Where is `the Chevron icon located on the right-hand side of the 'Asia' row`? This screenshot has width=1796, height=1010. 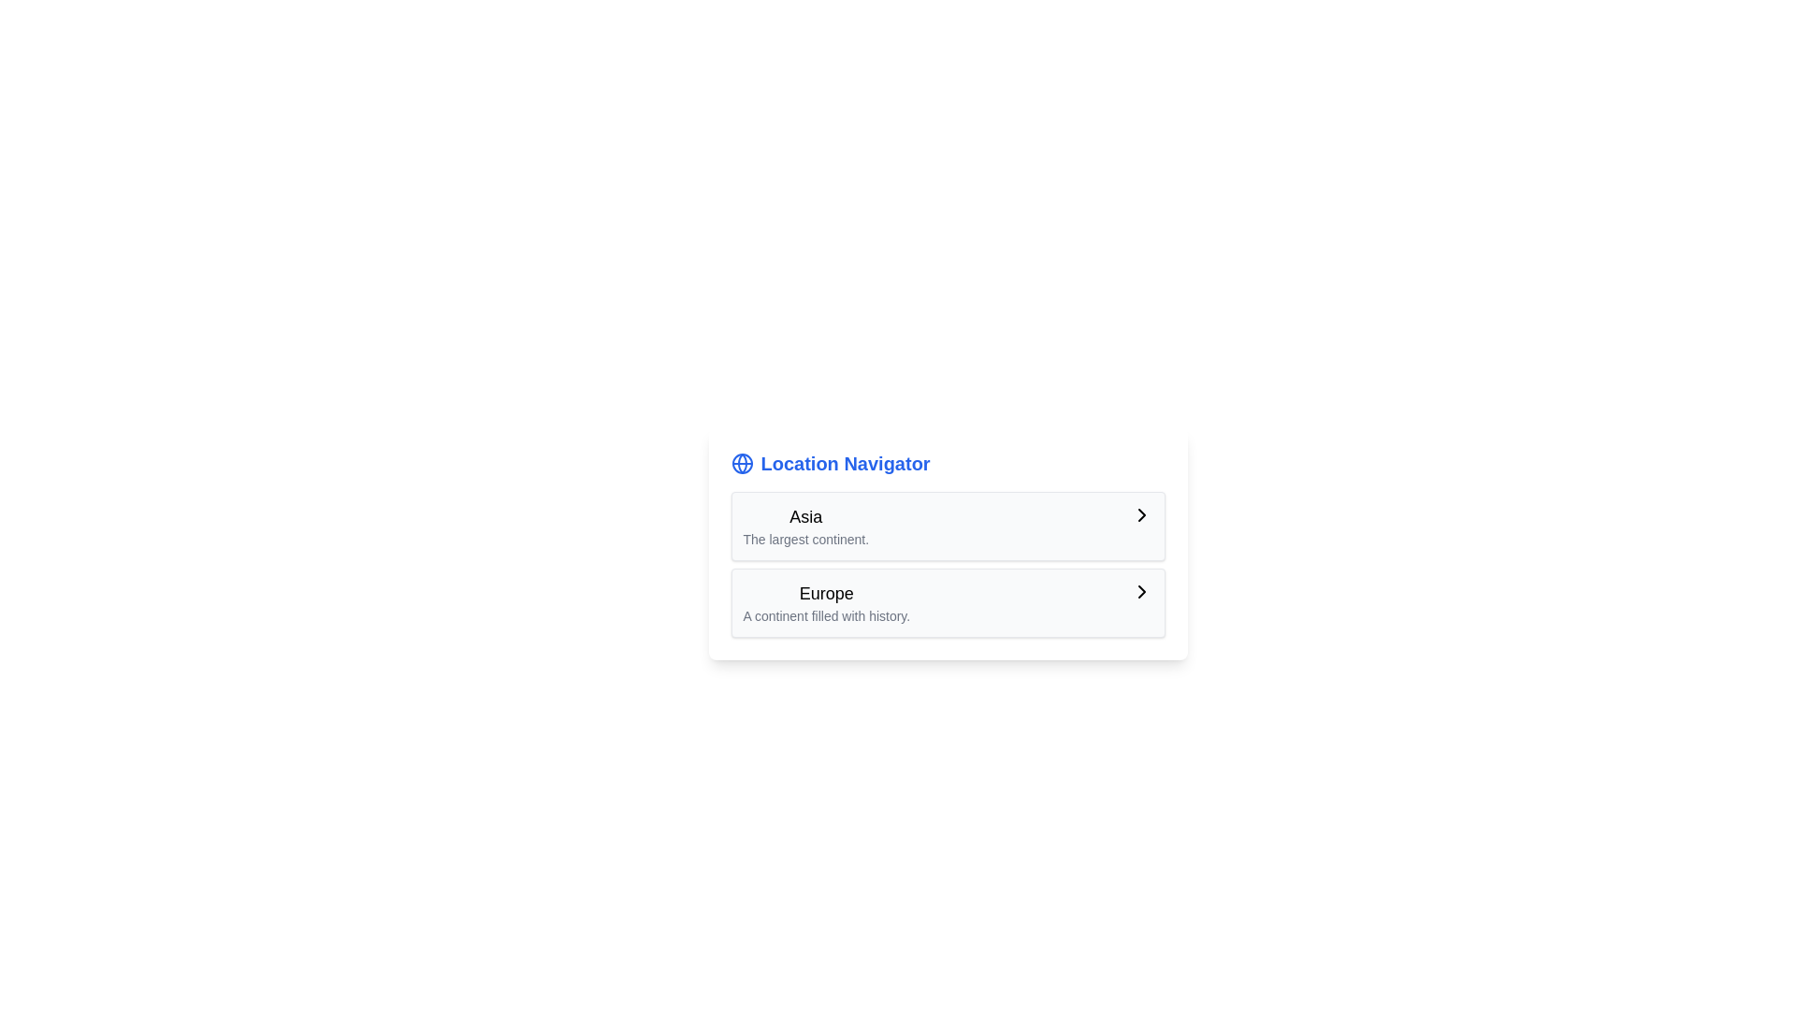 the Chevron icon located on the right-hand side of the 'Asia' row is located at coordinates (1140, 515).